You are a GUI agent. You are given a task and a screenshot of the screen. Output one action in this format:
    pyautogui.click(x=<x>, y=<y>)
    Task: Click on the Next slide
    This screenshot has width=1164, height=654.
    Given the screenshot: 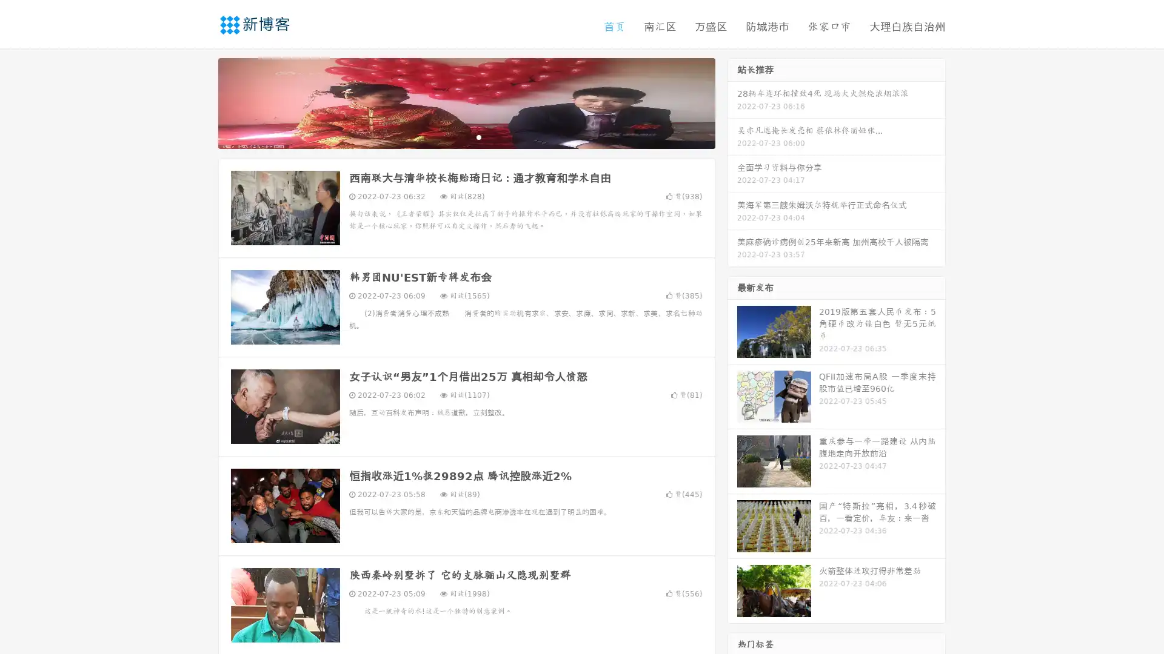 What is the action you would take?
    pyautogui.click(x=732, y=102)
    